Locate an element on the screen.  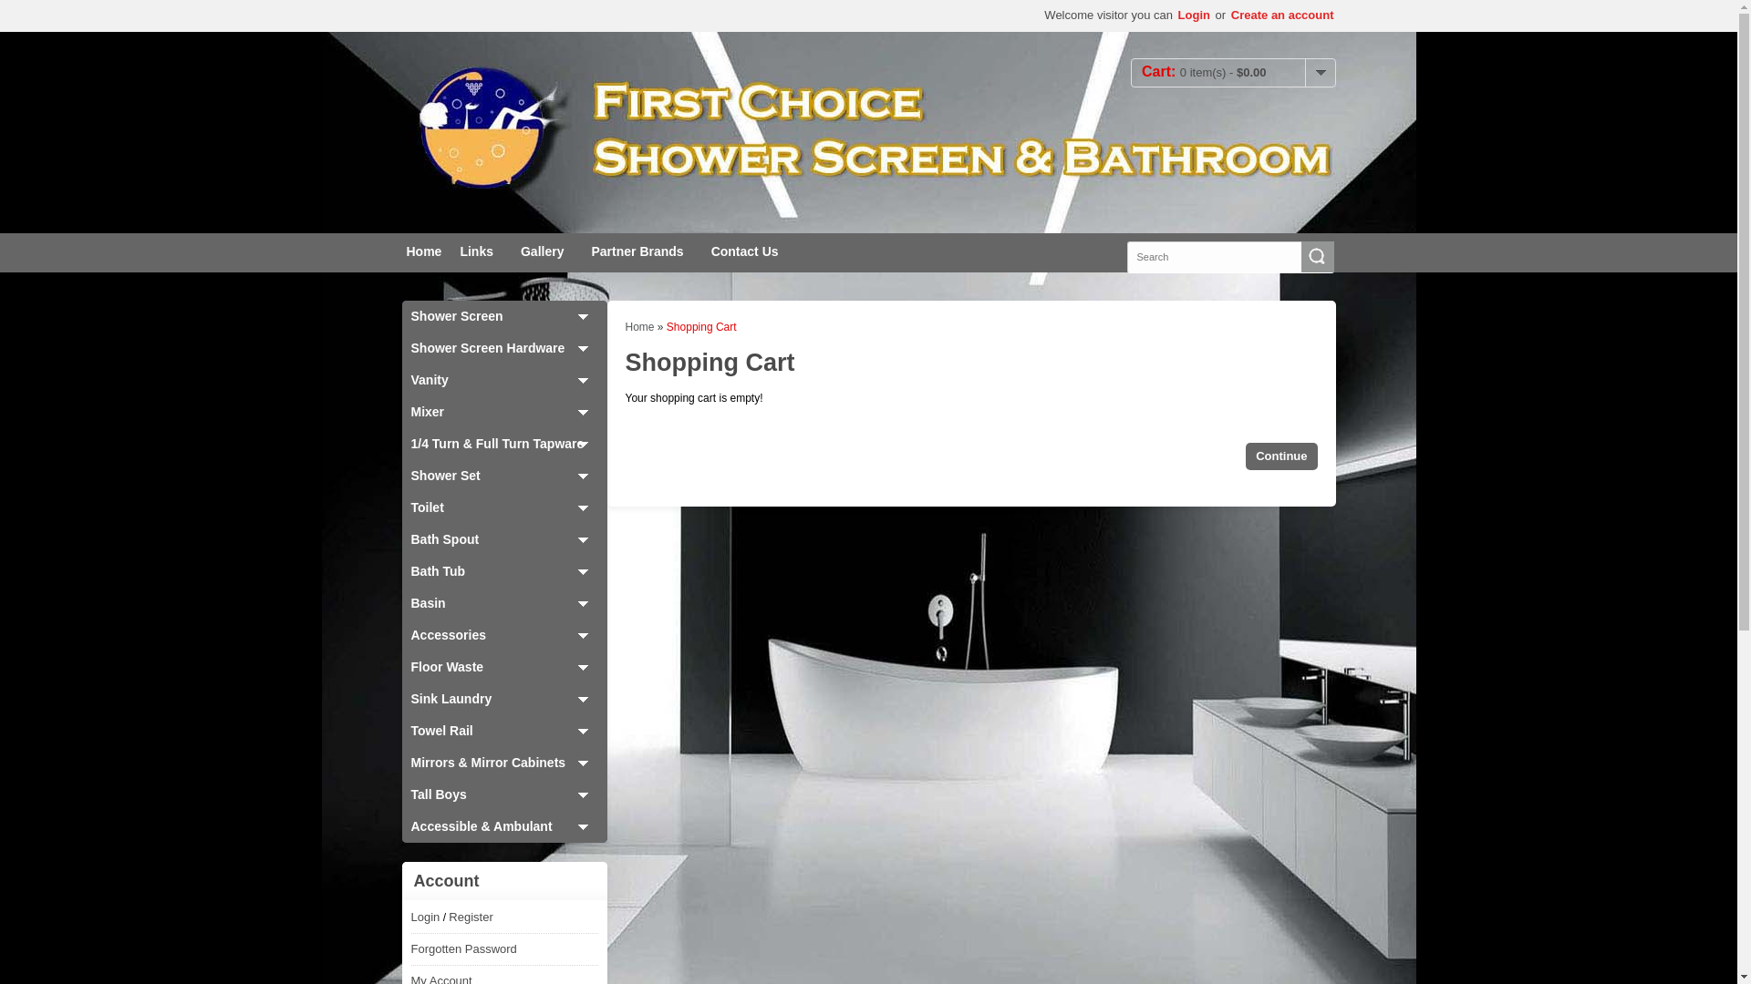
'Accessible & Ambulant' is located at coordinates (503, 826).